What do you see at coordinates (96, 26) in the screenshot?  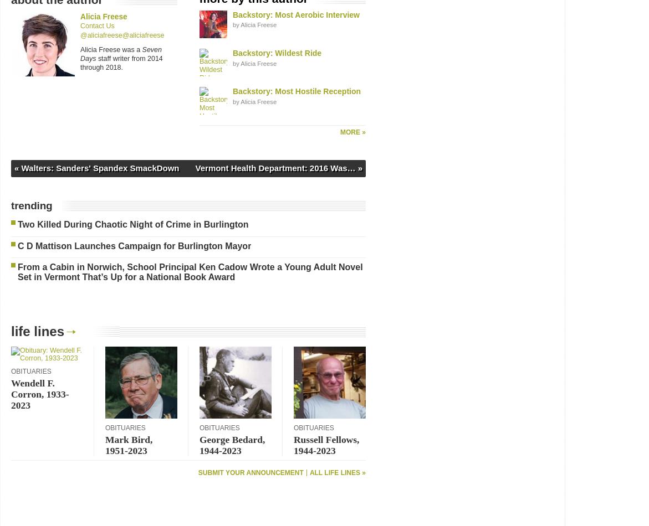 I see `'Contact Us'` at bounding box center [96, 26].